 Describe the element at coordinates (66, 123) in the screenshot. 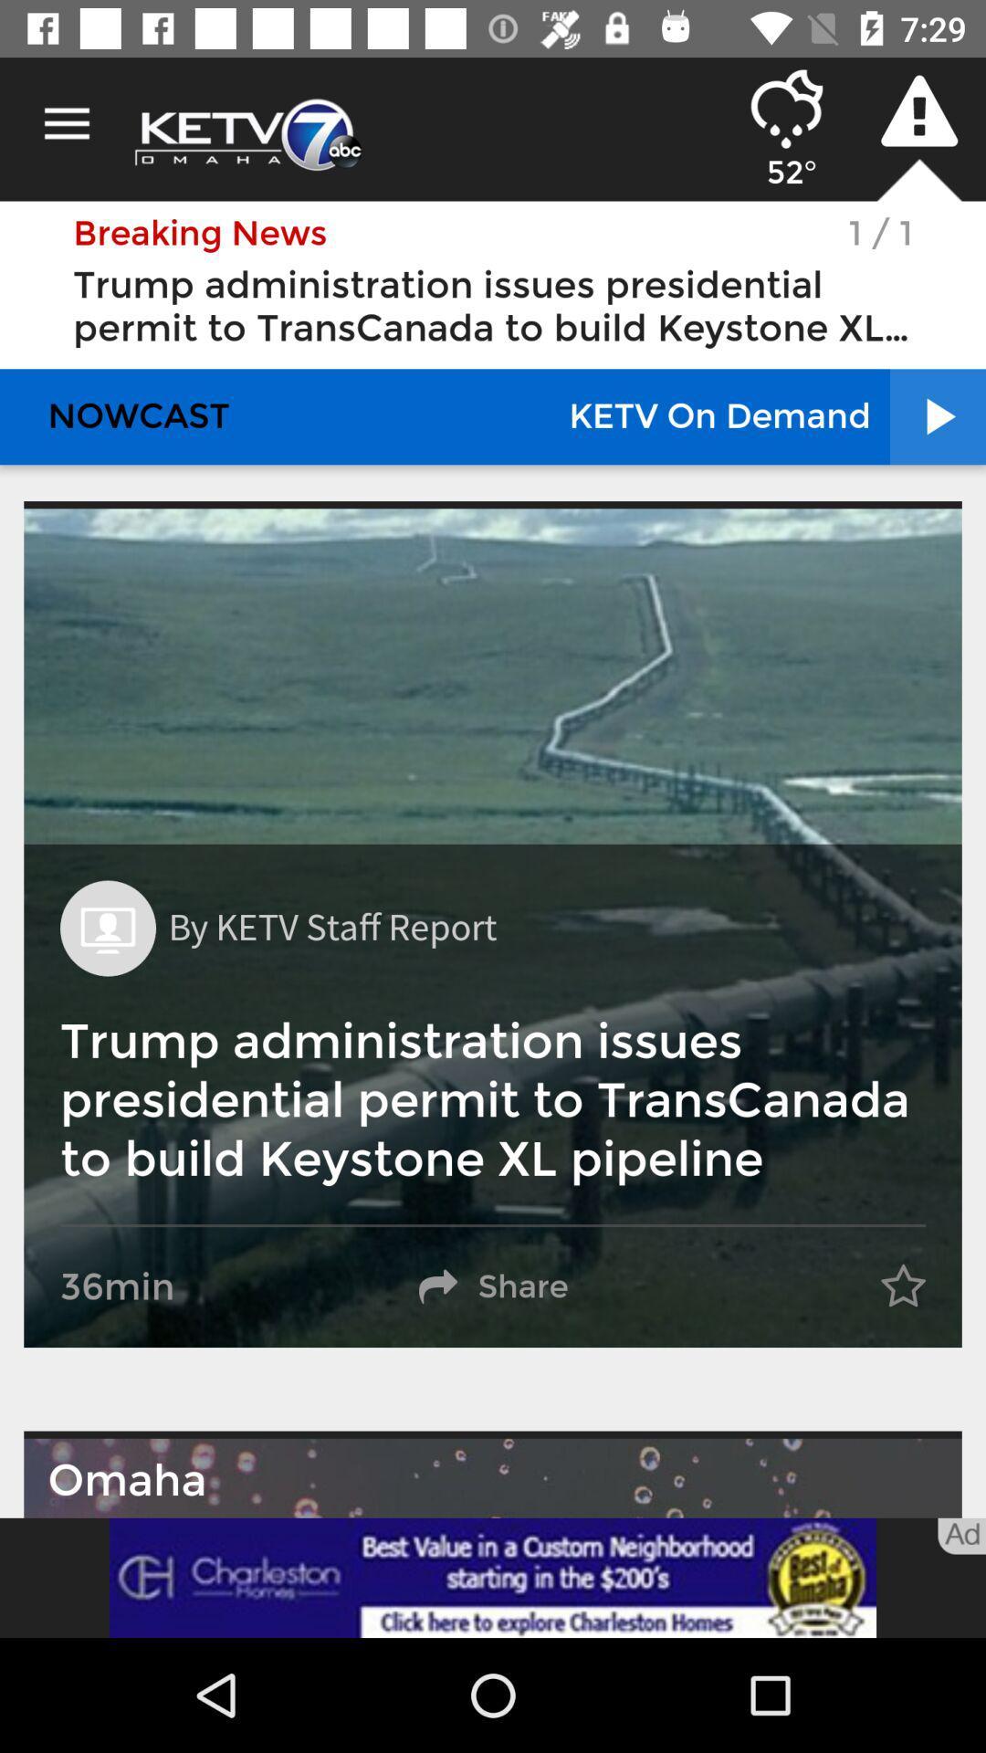

I see `the menu icon` at that location.